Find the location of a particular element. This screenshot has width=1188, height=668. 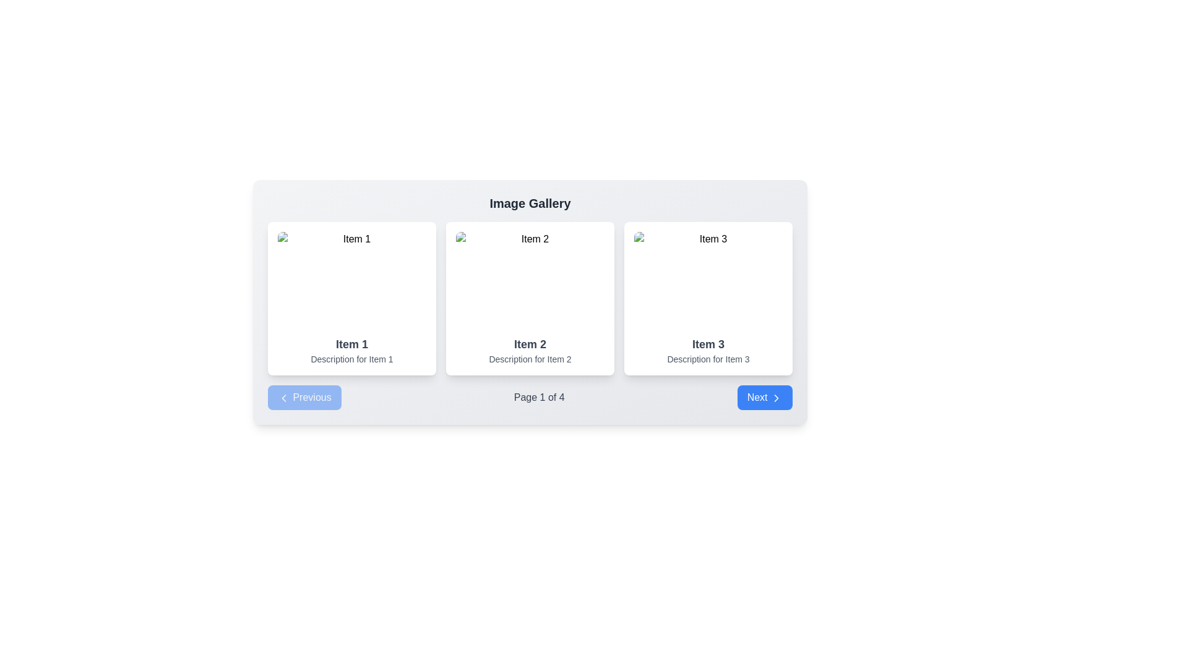

the small rightward-pointing arrow icon embedded within the 'Next' button located at the bottom-right corner of the interface is located at coordinates (775, 398).